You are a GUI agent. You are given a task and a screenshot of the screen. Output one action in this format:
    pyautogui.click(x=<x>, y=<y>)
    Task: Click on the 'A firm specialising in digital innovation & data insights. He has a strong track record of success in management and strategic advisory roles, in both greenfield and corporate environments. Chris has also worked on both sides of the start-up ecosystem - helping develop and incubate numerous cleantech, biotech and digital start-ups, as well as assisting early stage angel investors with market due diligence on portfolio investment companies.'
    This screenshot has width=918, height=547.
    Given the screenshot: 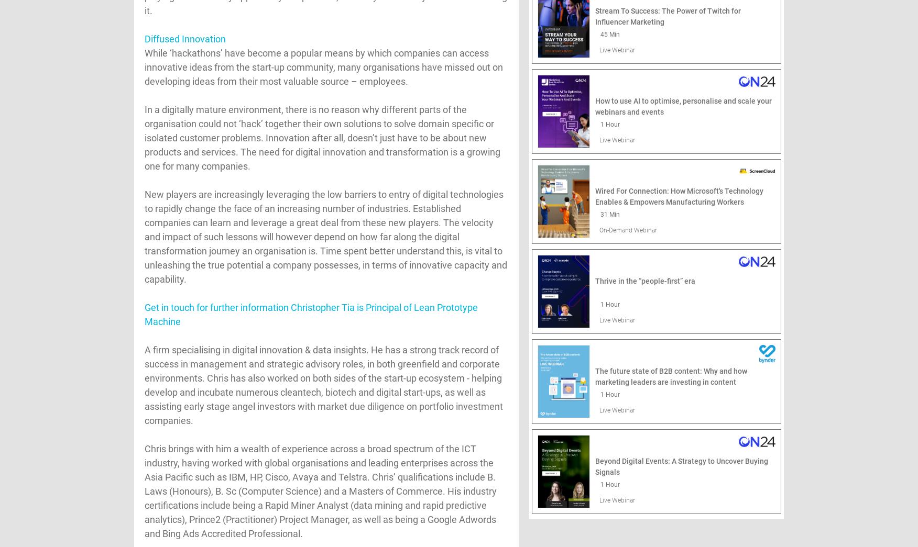 What is the action you would take?
    pyautogui.click(x=323, y=384)
    